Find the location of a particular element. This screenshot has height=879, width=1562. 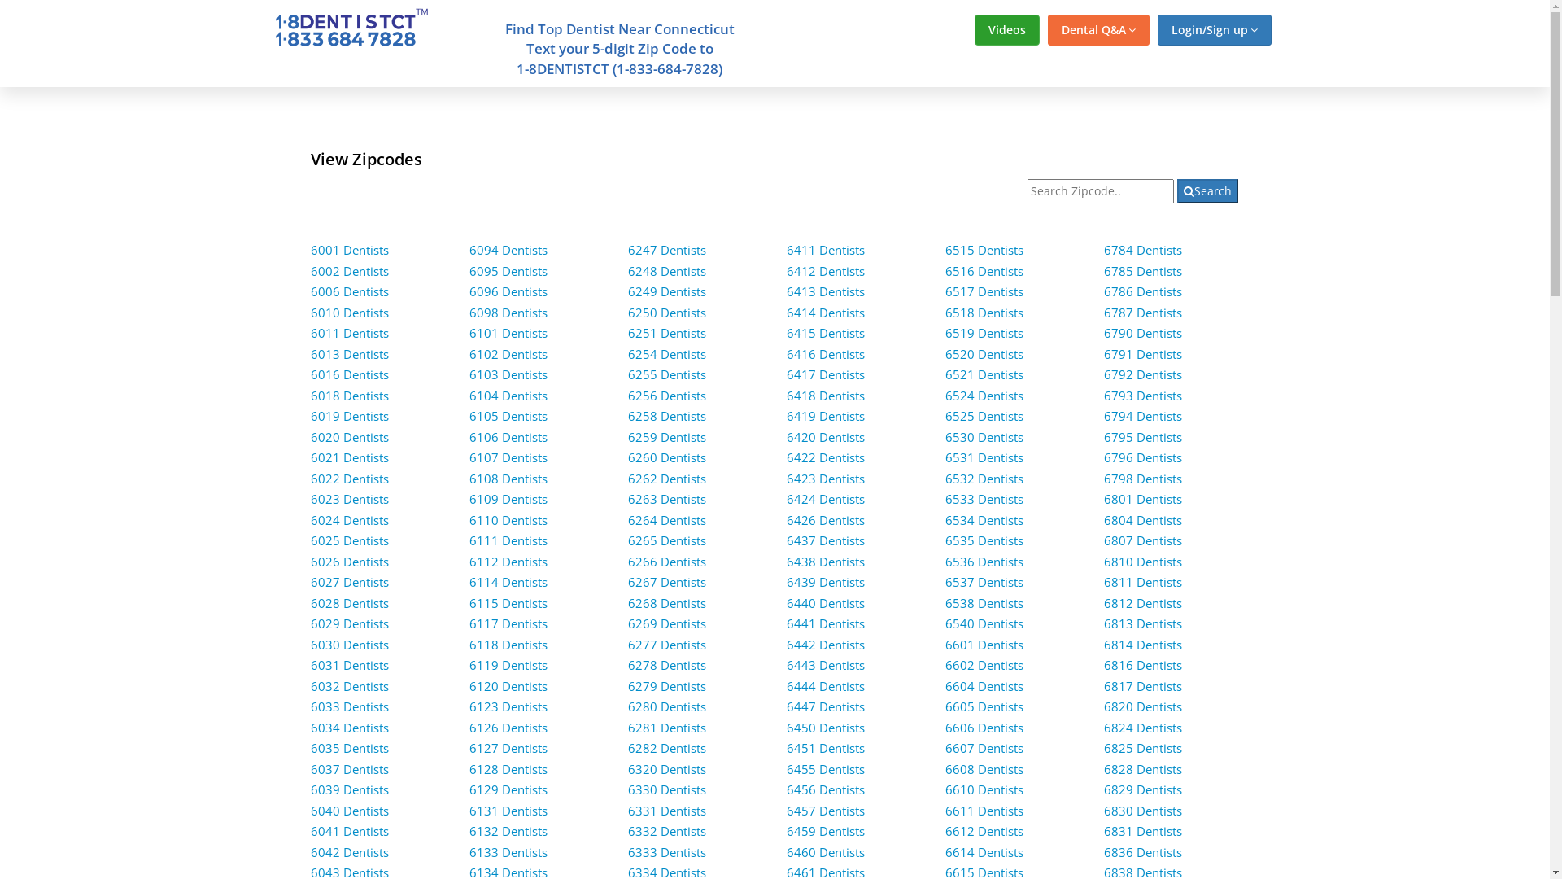

'6442 Dentists' is located at coordinates (825, 643).